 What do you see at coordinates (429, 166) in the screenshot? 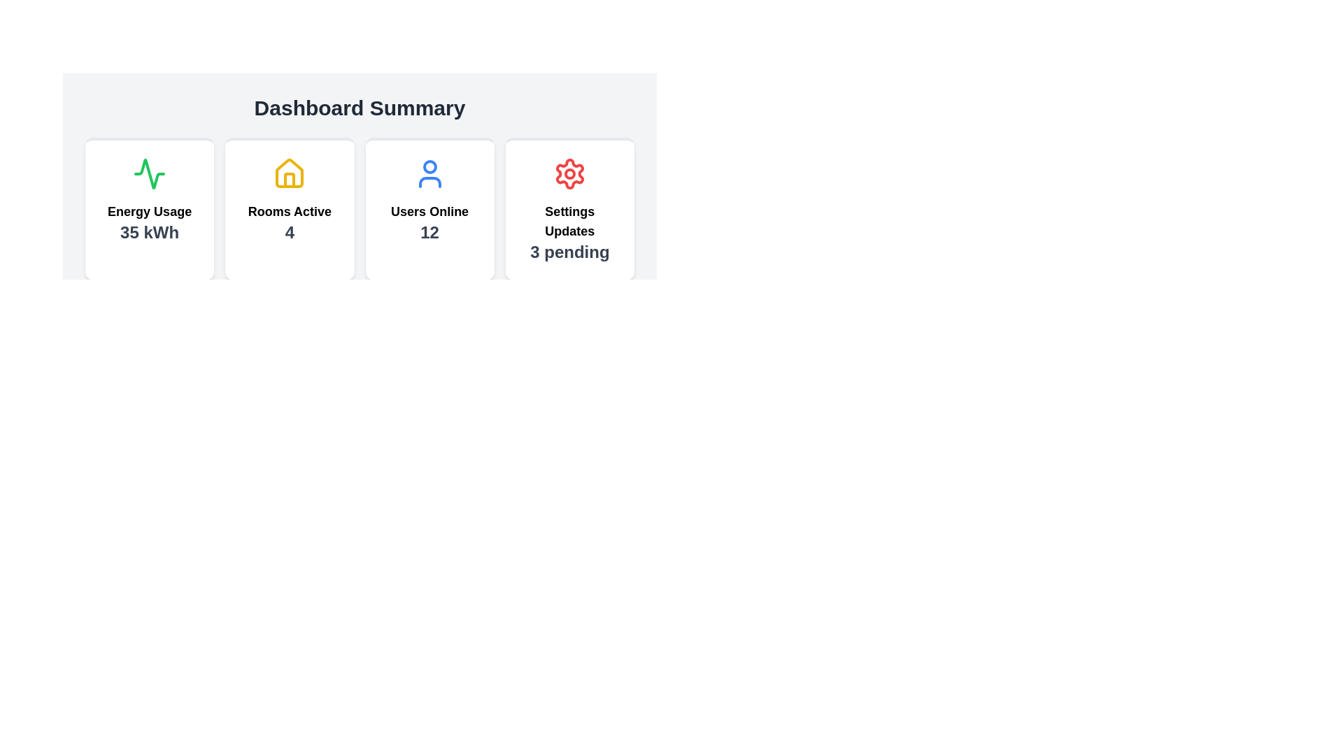
I see `the SVG circle representing a user icon located in the third column of the dashboard grid under the 'Users Online' header` at bounding box center [429, 166].